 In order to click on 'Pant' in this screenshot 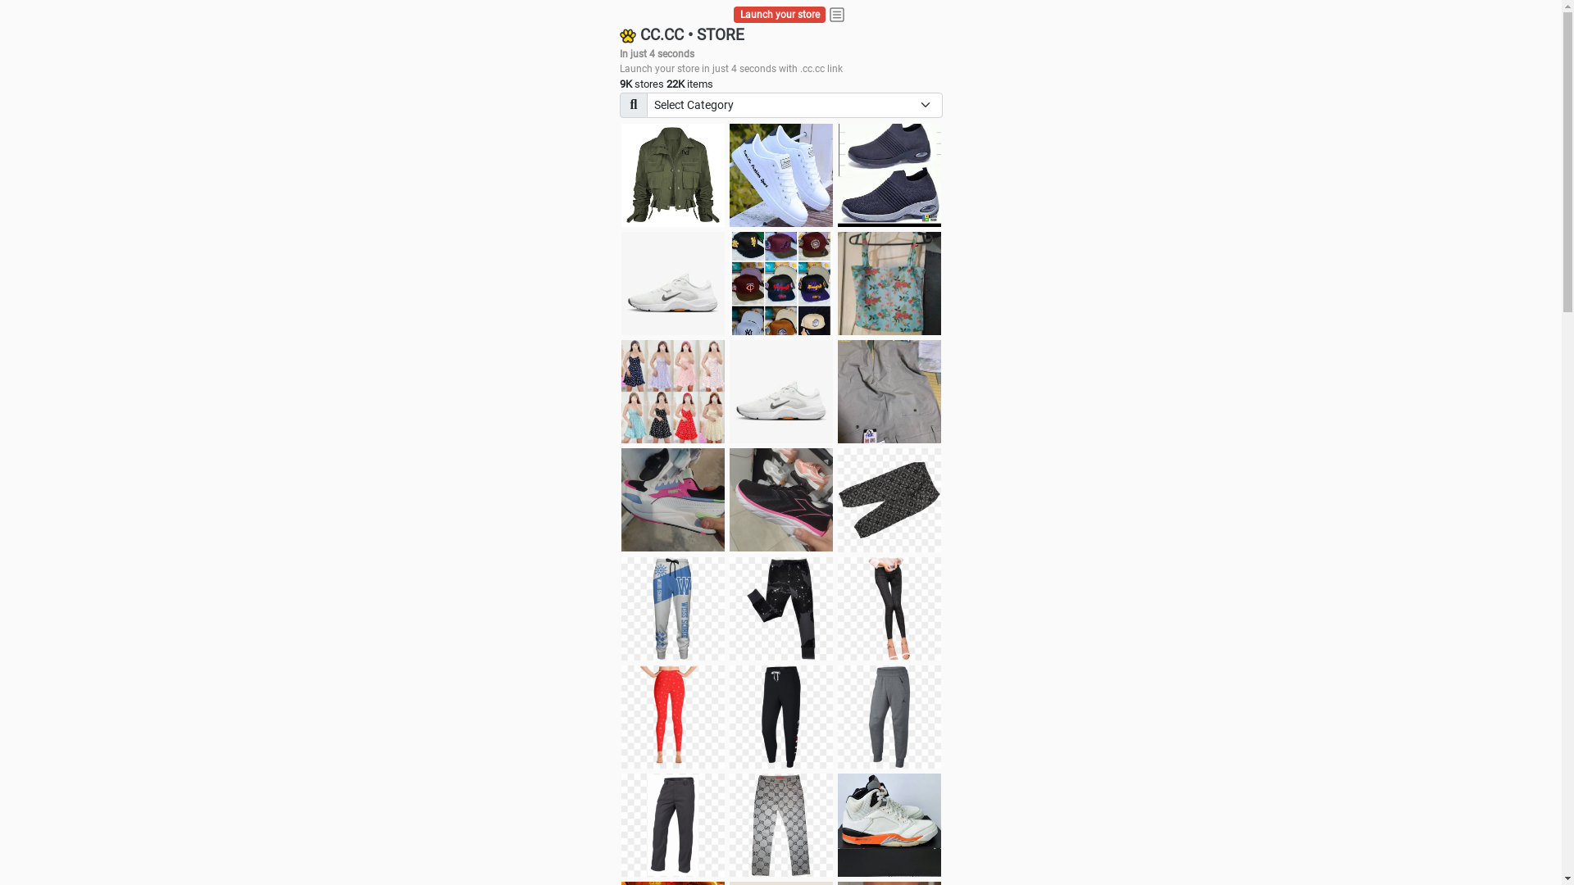, I will do `click(838, 609)`.